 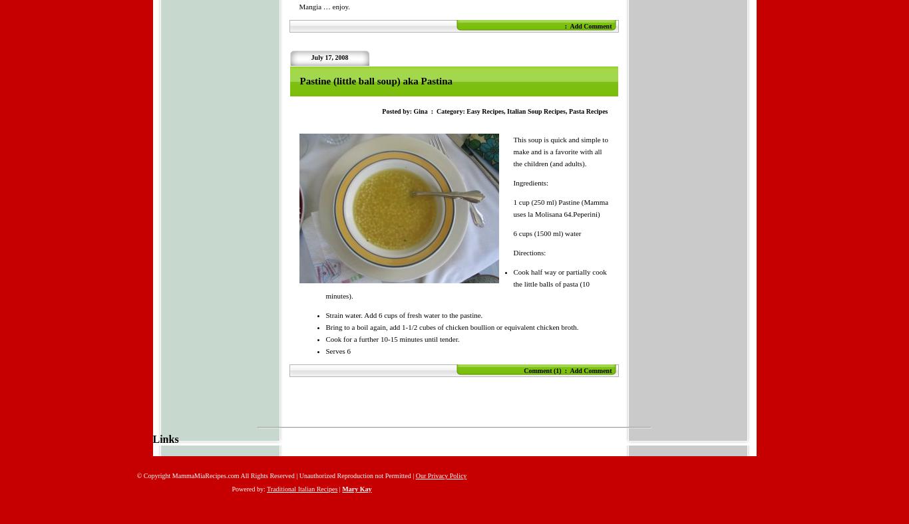 What do you see at coordinates (375, 80) in the screenshot?
I see `'Pastine (little ball soup) aka Pastina'` at bounding box center [375, 80].